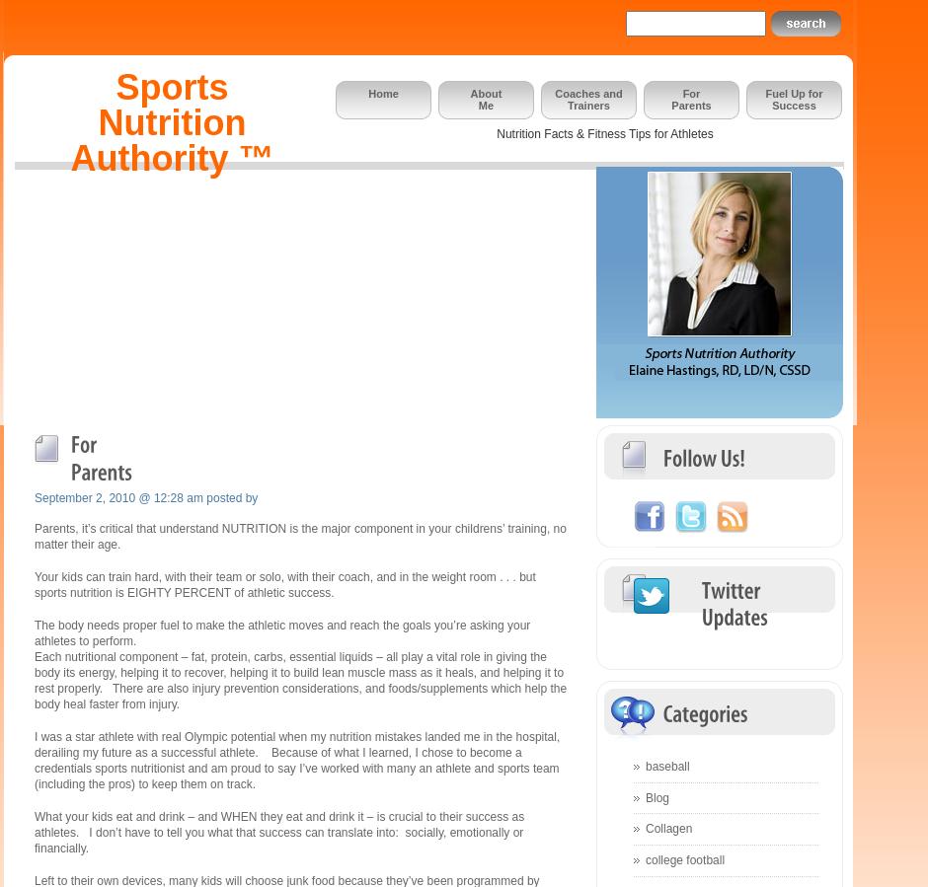  What do you see at coordinates (281, 630) in the screenshot?
I see `'The body needs proper fuel to make the athletic moves and reach the goals you’re asking your athletes to perform.'` at bounding box center [281, 630].